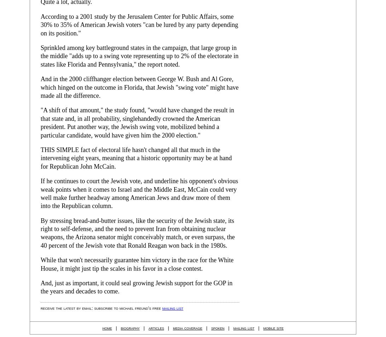 The image size is (386, 337). Describe the element at coordinates (102, 327) in the screenshot. I see `'home'` at that location.